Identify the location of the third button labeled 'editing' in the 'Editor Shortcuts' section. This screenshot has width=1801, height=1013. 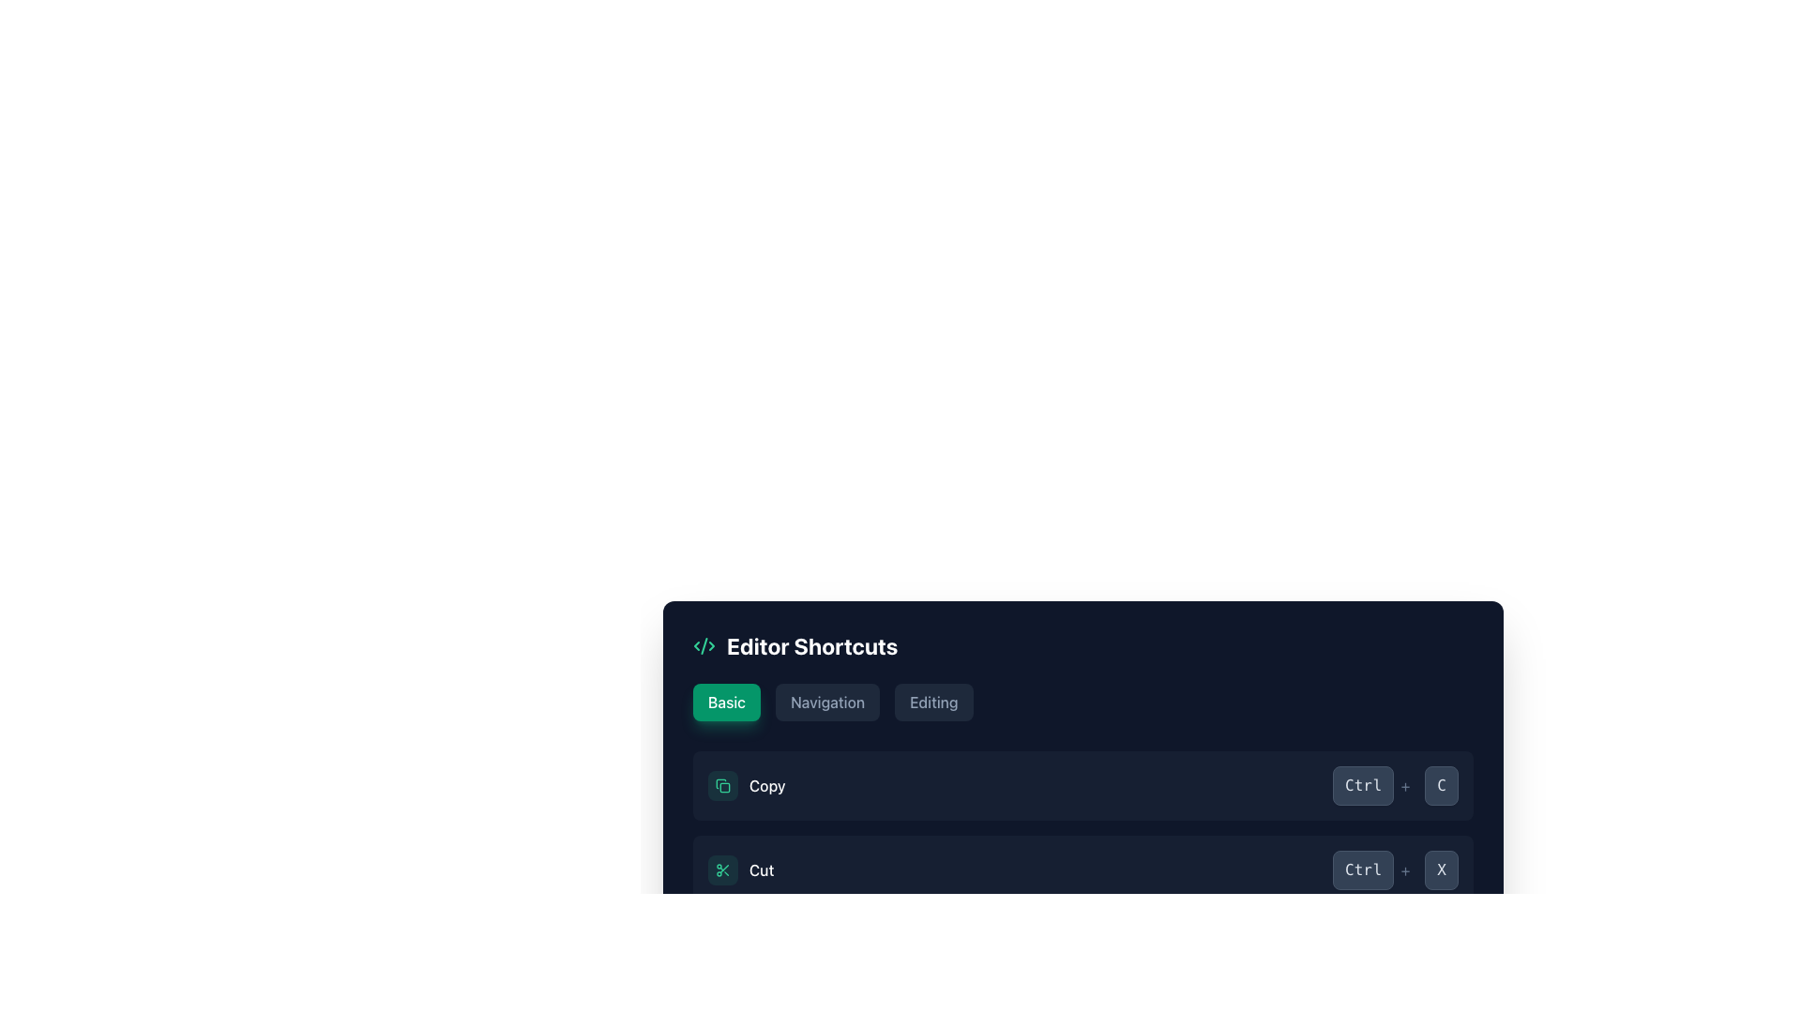
(933, 702).